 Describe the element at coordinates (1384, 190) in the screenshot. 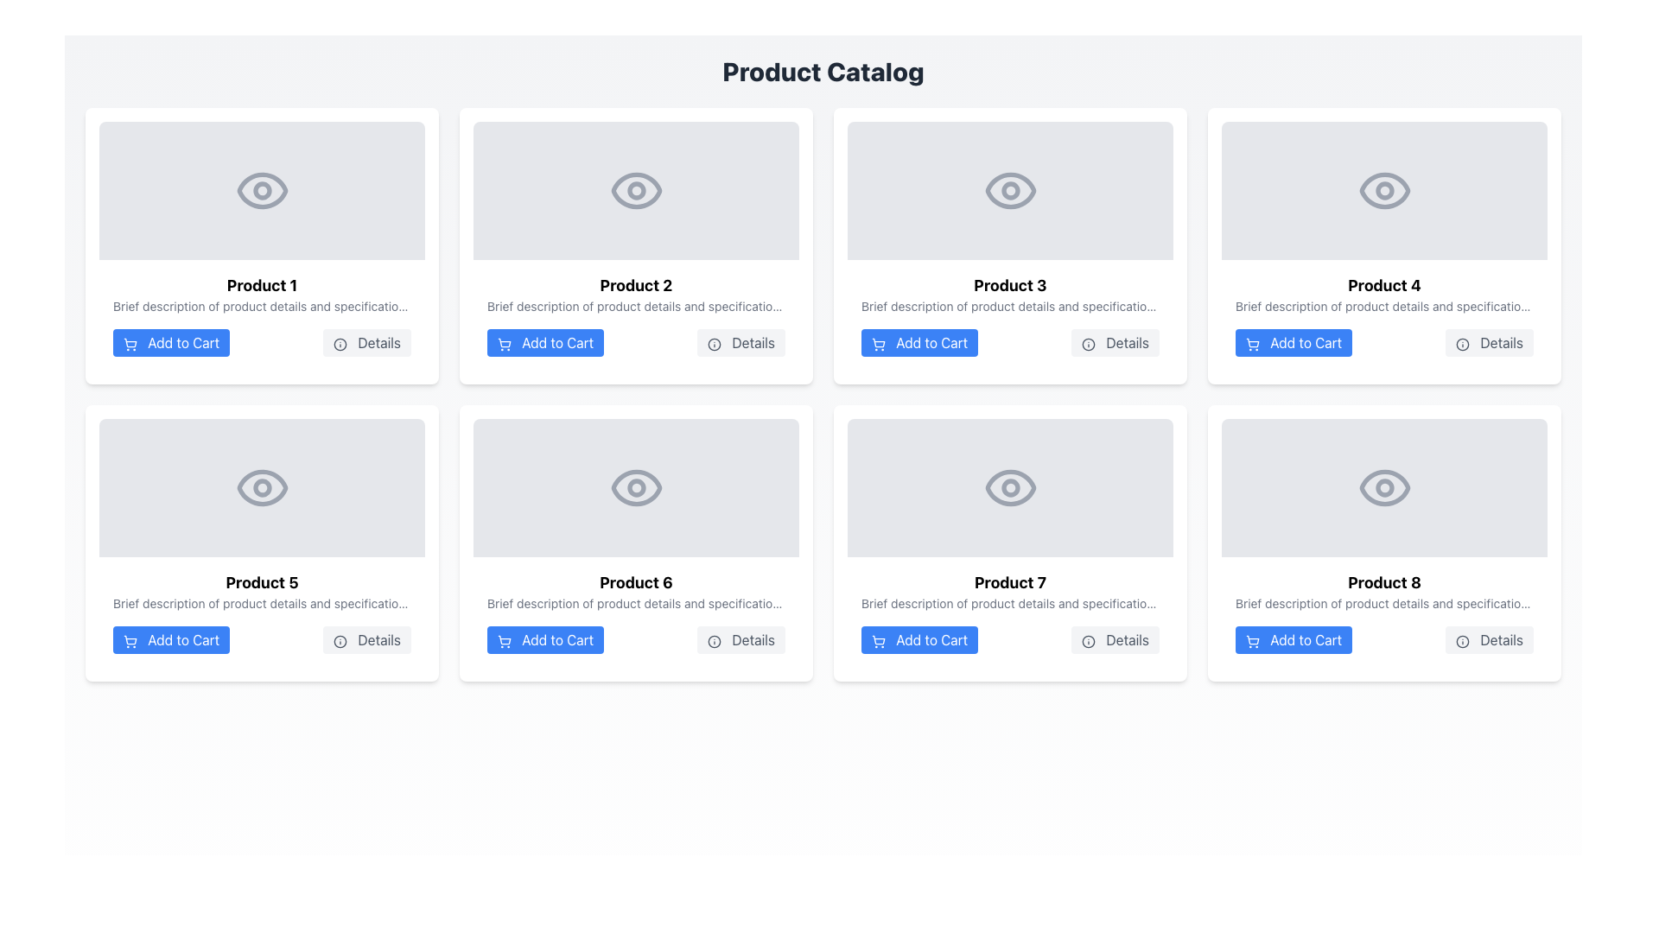

I see `the visual indicator icon located in the center of the image area of the 'Product 4' card in the product catalog grid` at that location.